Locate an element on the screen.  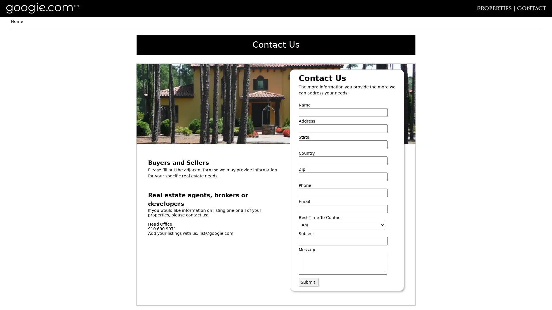
Submit is located at coordinates (308, 282).